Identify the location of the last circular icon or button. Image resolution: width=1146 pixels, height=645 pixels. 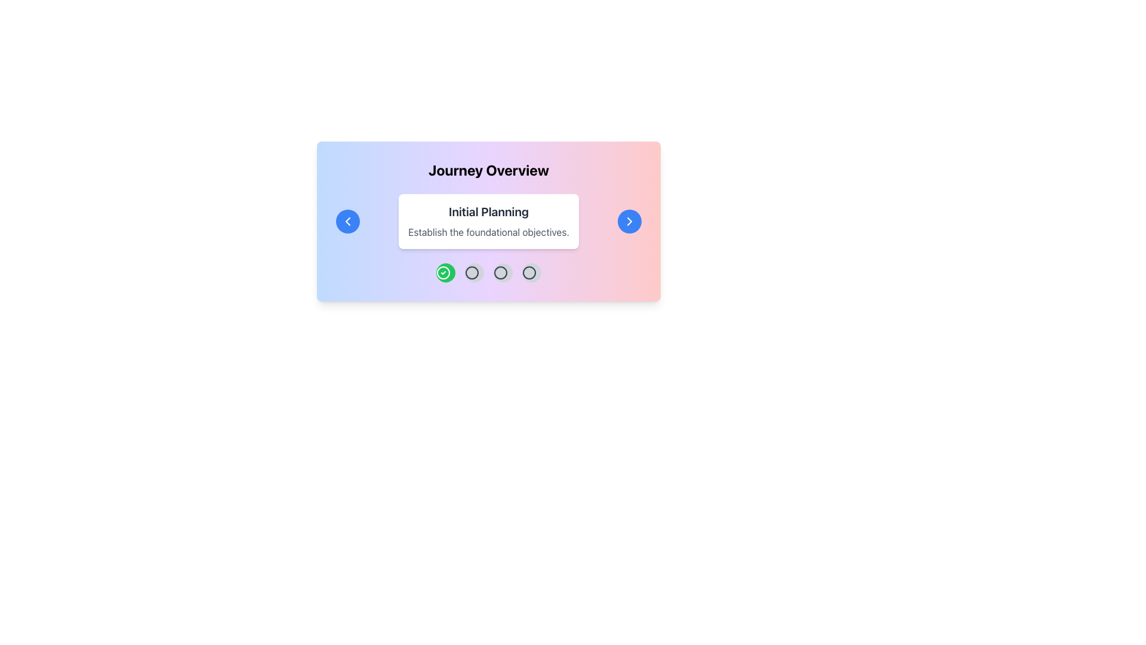
(529, 272).